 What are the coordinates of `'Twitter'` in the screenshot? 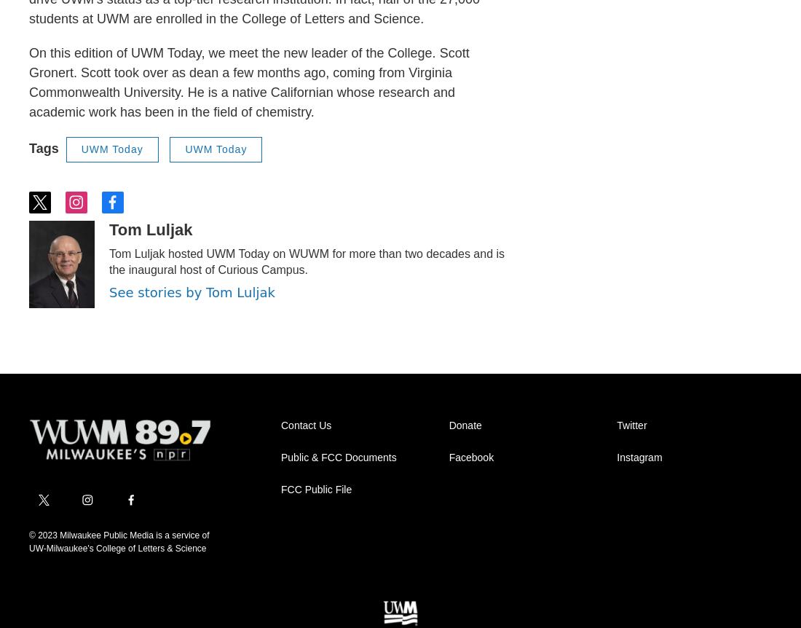 It's located at (631, 424).